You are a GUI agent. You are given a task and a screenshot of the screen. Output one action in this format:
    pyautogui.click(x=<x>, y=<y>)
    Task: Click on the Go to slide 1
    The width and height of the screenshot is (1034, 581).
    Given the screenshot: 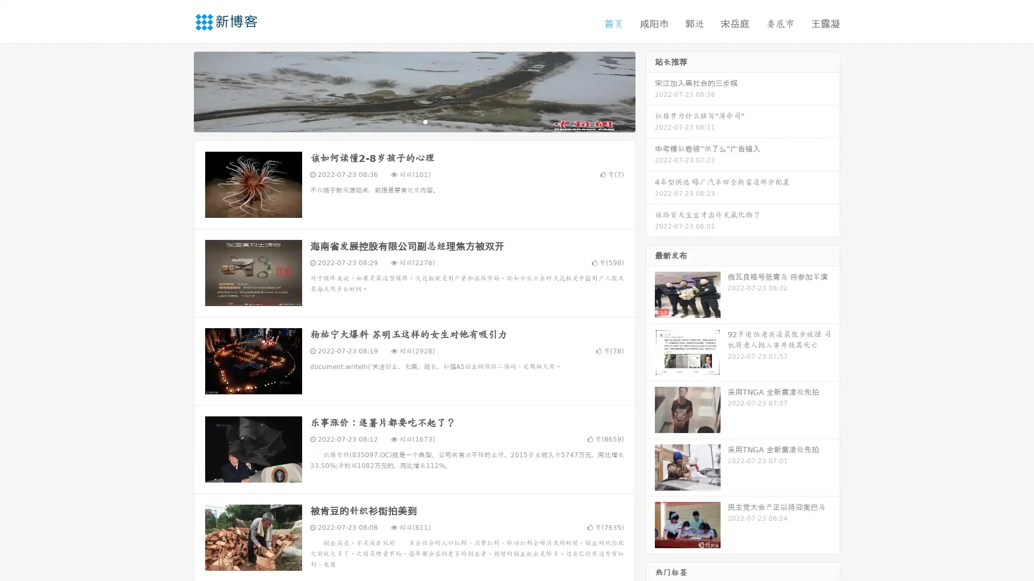 What is the action you would take?
    pyautogui.click(x=403, y=121)
    